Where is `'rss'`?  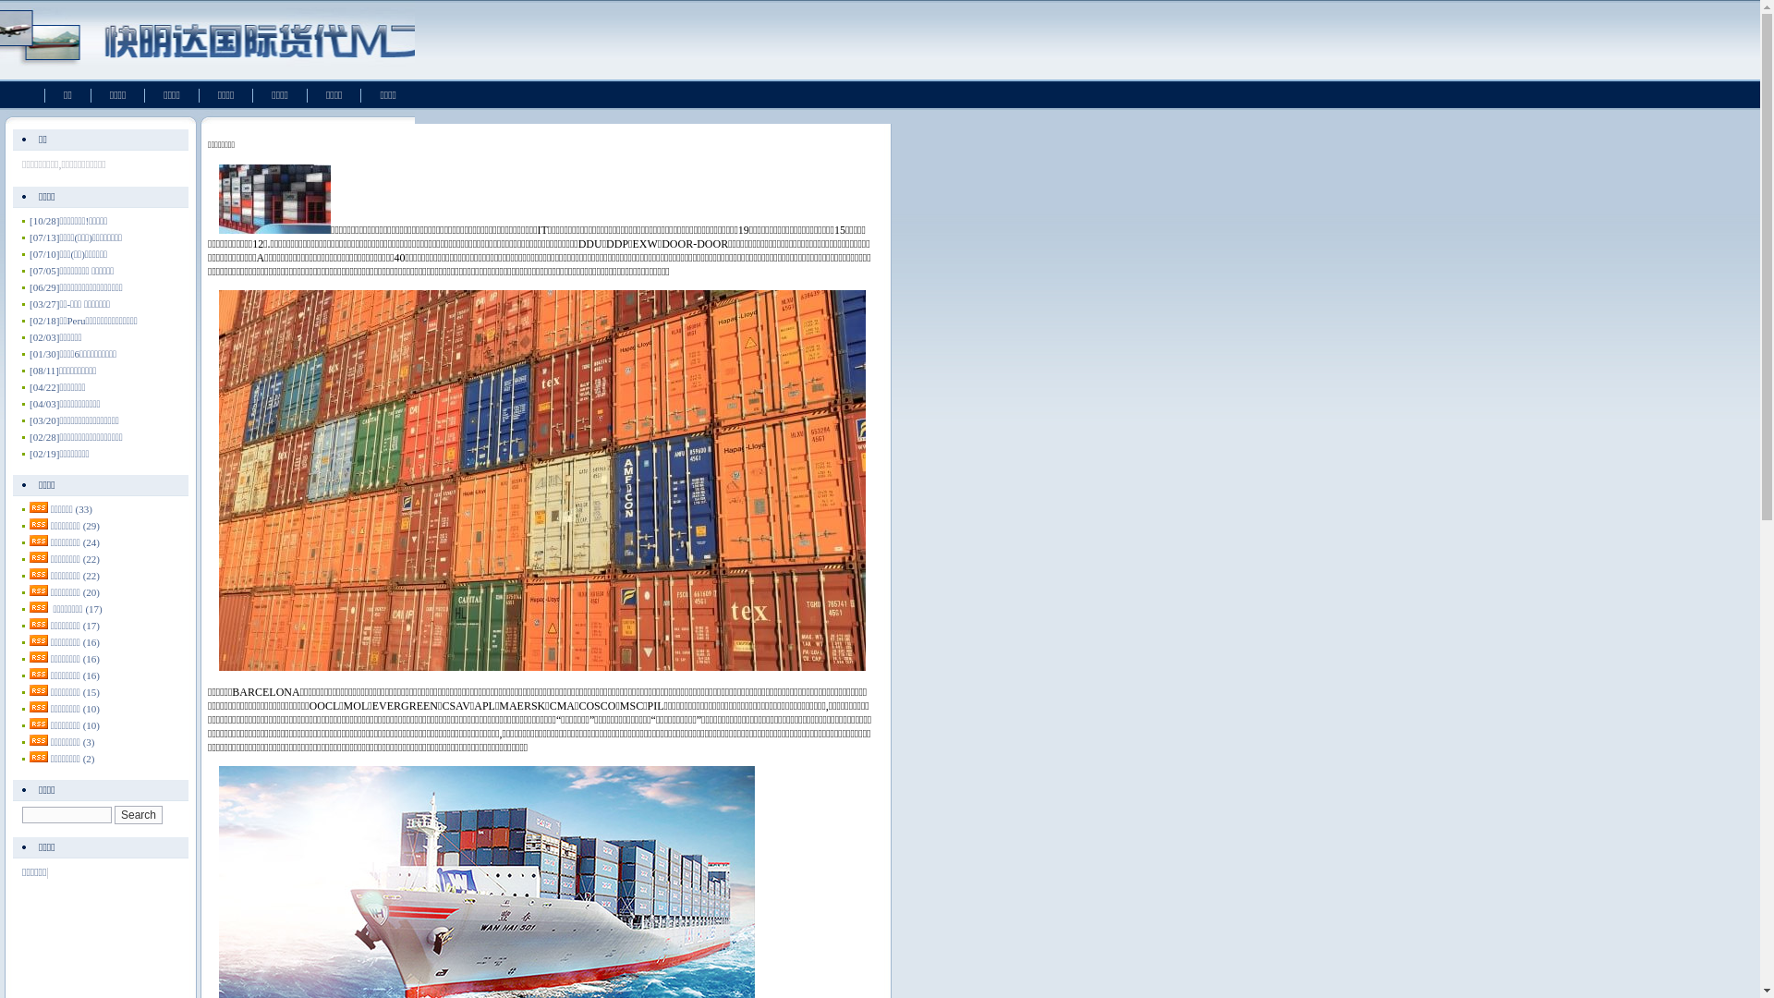 'rss' is located at coordinates (39, 739).